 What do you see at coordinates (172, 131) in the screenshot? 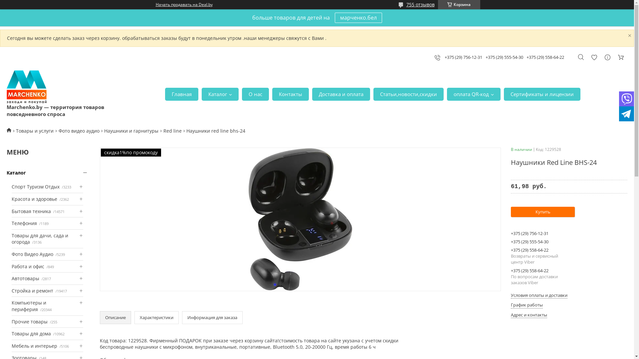
I see `'Red line'` at bounding box center [172, 131].